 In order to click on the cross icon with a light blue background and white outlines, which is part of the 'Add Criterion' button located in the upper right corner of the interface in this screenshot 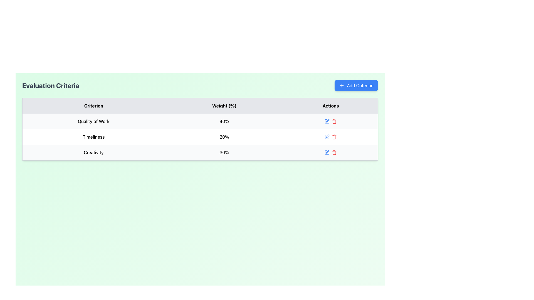, I will do `click(342, 86)`.